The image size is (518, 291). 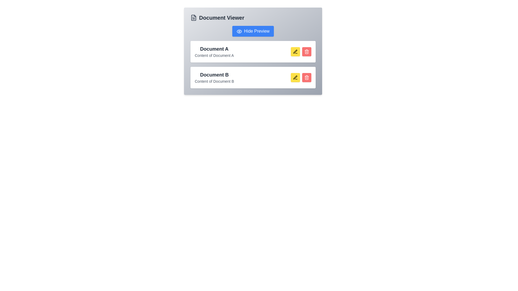 I want to click on the text label displaying 'Content of Document A' which is located below the title 'Document A' in a small gray font, so click(x=214, y=55).